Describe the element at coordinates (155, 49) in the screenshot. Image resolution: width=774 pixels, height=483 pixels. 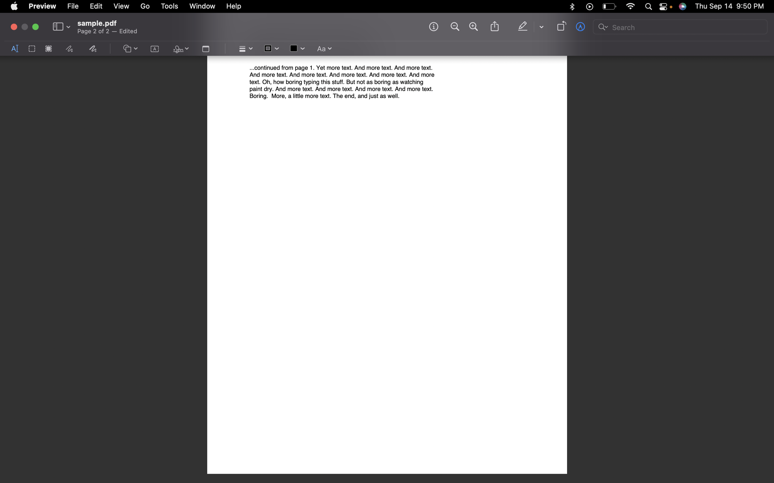
I see `the text pannel` at that location.